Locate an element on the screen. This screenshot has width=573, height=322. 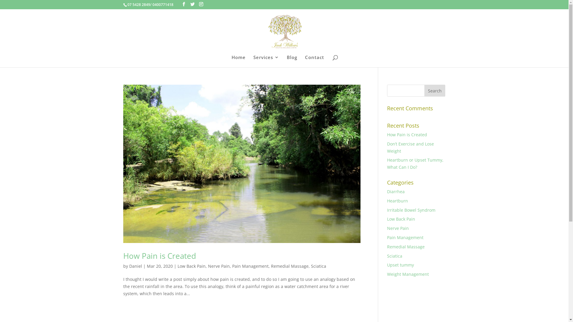
'Blog' is located at coordinates (292, 61).